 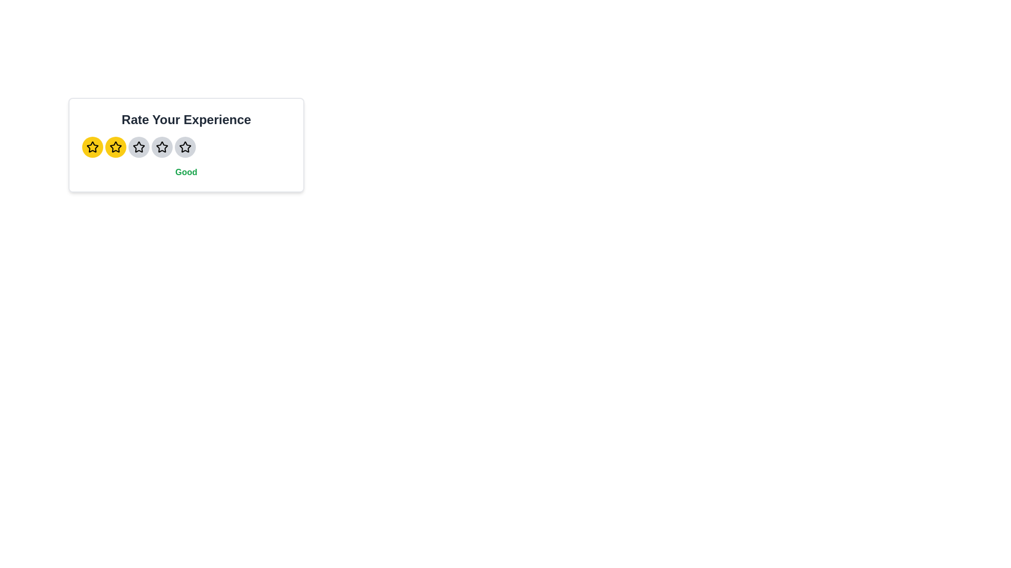 What do you see at coordinates (138, 147) in the screenshot?
I see `the third circular button with a gray background and a black star outline` at bounding box center [138, 147].